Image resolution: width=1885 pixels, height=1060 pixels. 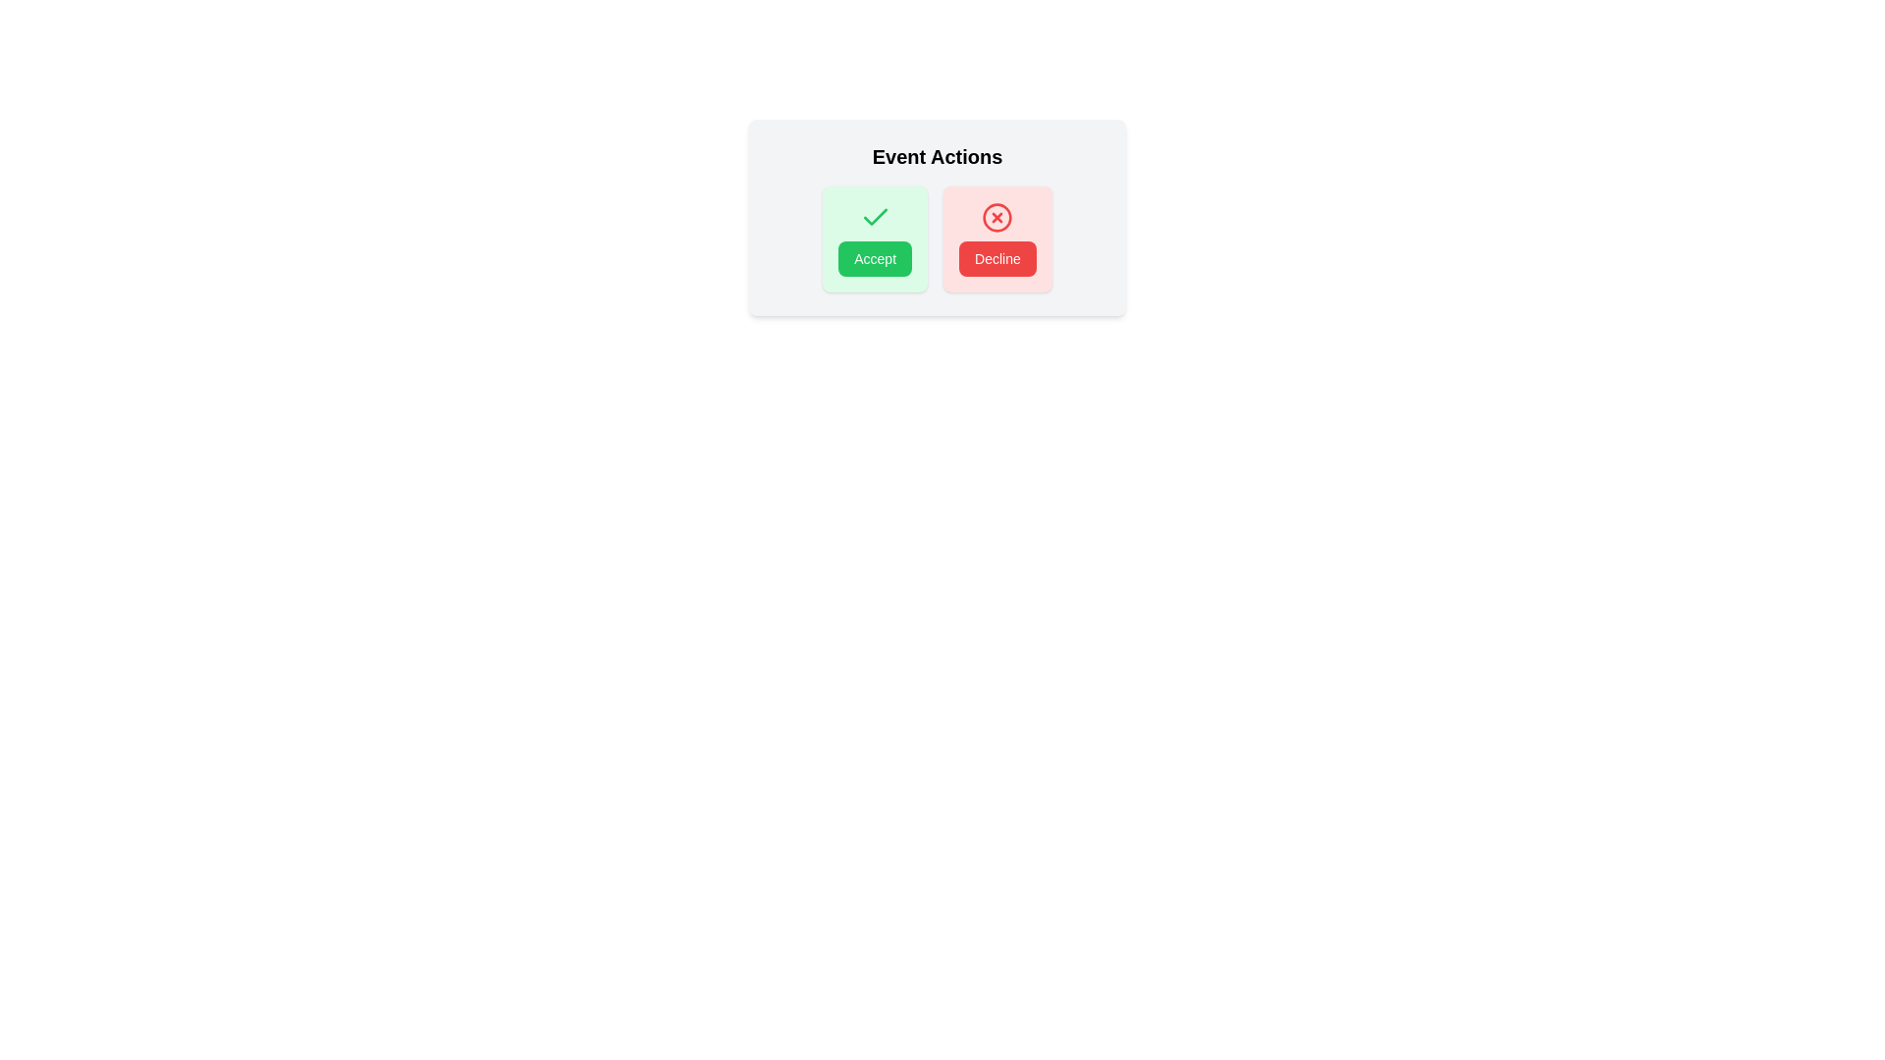 I want to click on the green 'Accept' button with rounded corners, so click(x=874, y=257).